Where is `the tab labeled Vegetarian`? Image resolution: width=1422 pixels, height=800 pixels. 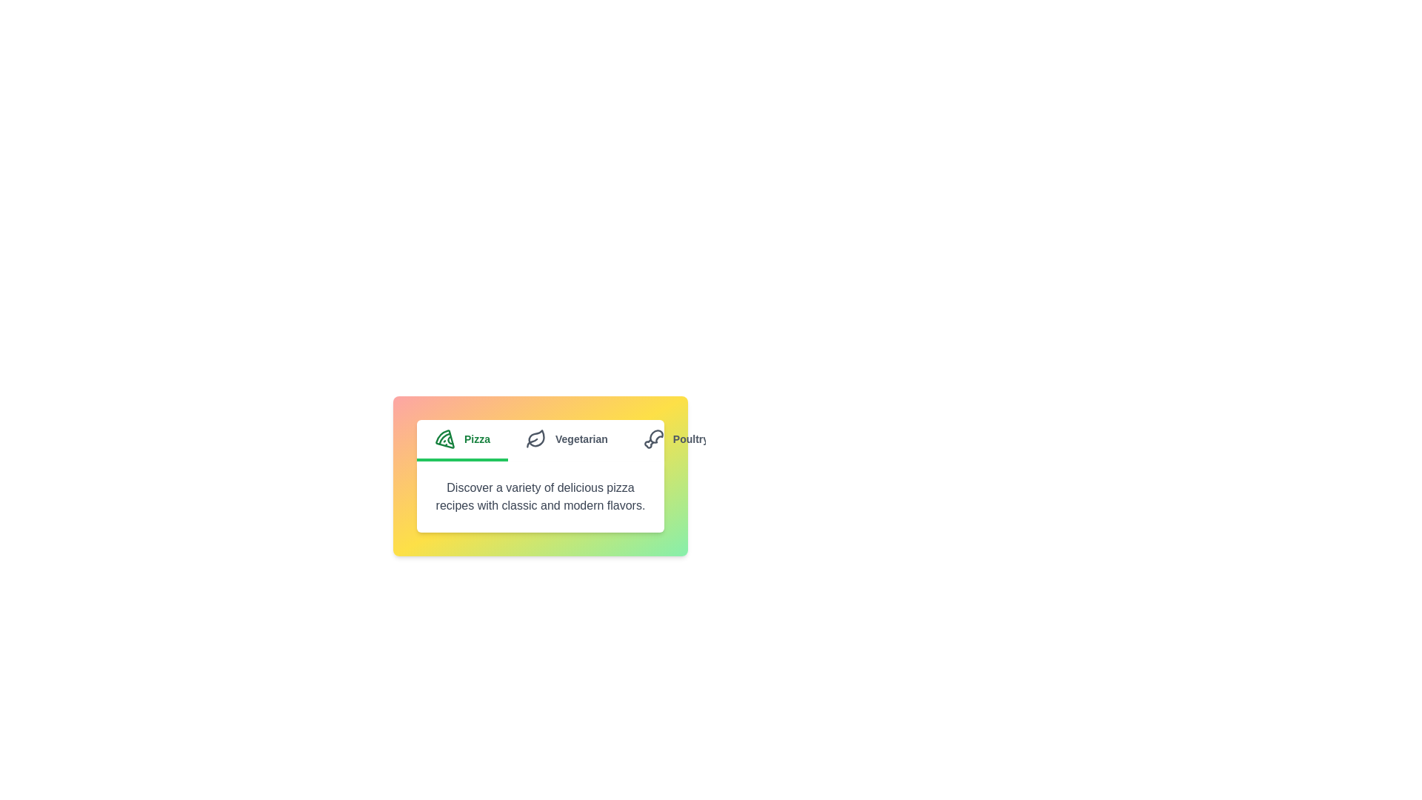
the tab labeled Vegetarian is located at coordinates (565, 439).